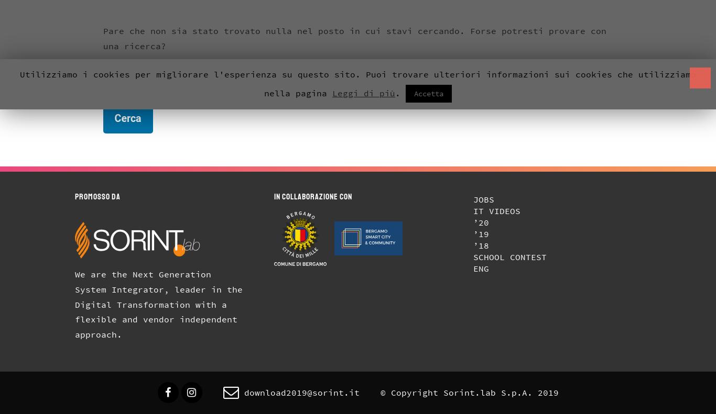 The image size is (716, 414). Describe the element at coordinates (472, 268) in the screenshot. I see `'Eng'` at that location.